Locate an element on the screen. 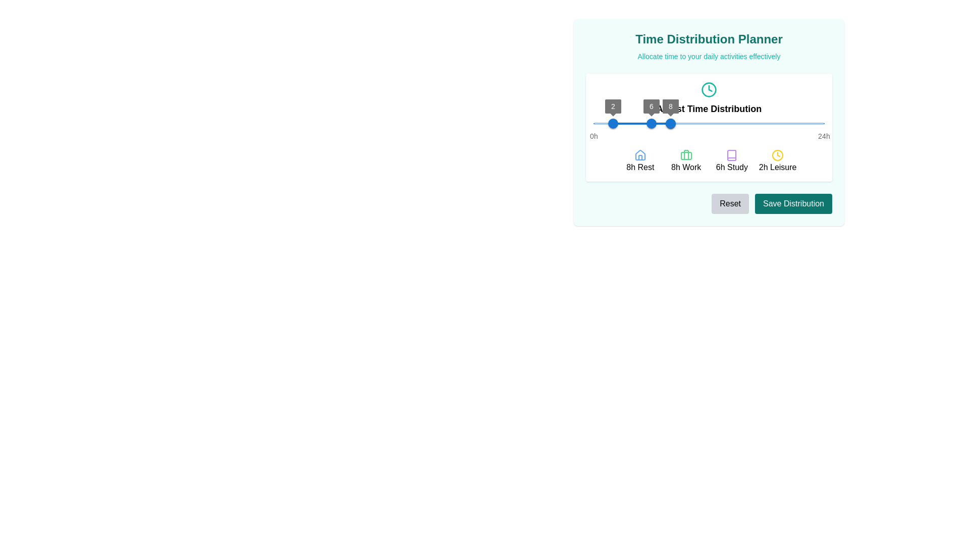 The height and width of the screenshot is (545, 969). the Text Label that reads 'Allocate time to your daily activities effectively', located directly below the 'Time Distribution Planner' title is located at coordinates (709, 56).